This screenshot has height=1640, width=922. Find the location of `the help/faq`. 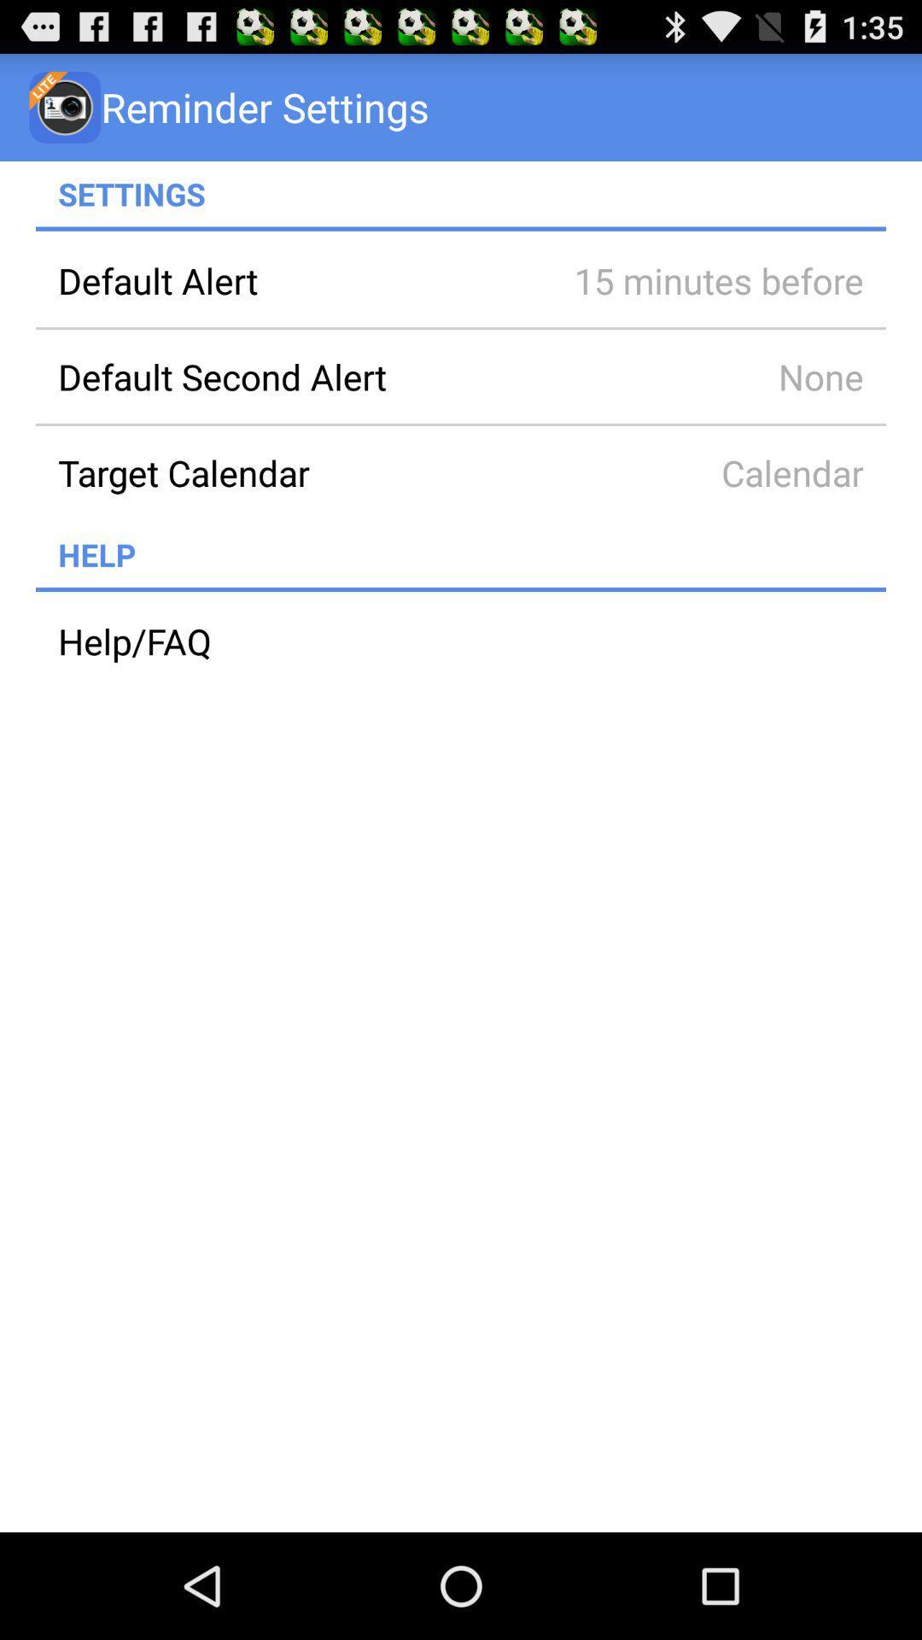

the help/faq is located at coordinates (461, 640).